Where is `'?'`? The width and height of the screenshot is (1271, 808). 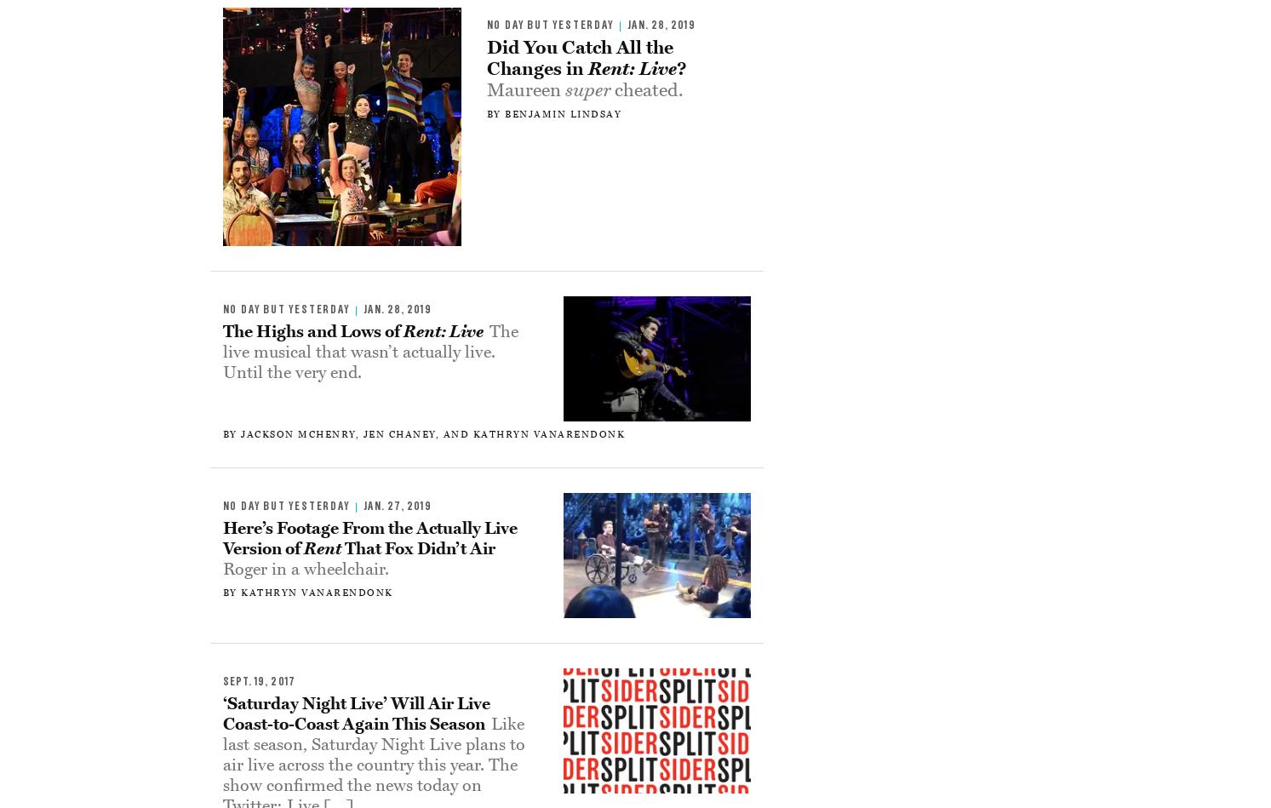 '?' is located at coordinates (680, 68).